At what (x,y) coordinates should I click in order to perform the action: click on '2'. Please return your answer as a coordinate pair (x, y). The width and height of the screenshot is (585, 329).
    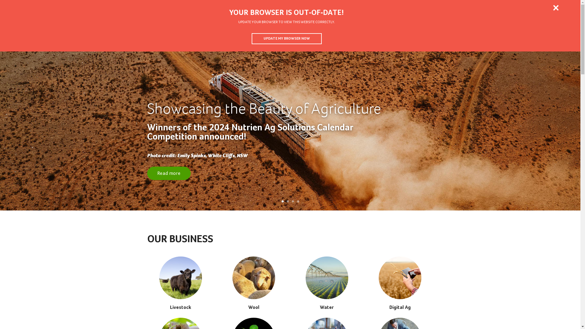
    Looking at the image, I should click on (287, 201).